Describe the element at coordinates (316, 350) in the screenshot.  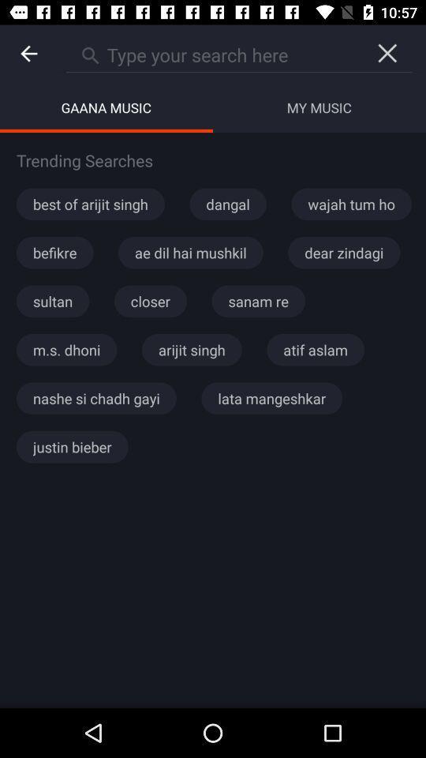
I see `atif aslam icon` at that location.